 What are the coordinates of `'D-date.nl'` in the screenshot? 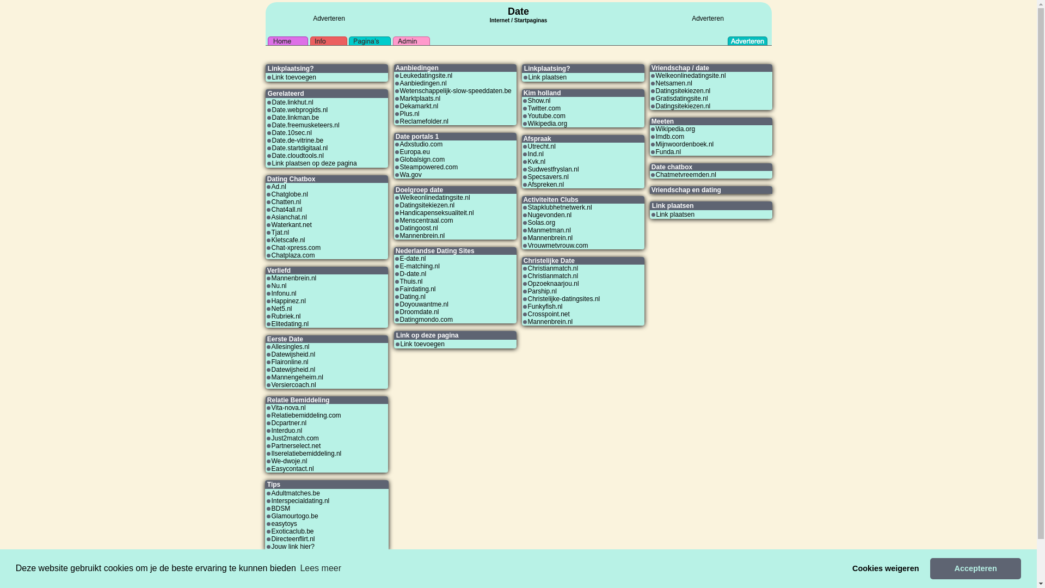 It's located at (399, 273).